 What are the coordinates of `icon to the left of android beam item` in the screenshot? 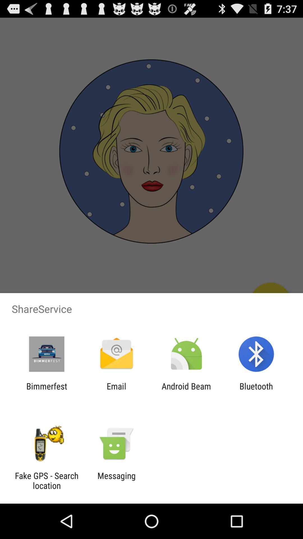 It's located at (116, 391).